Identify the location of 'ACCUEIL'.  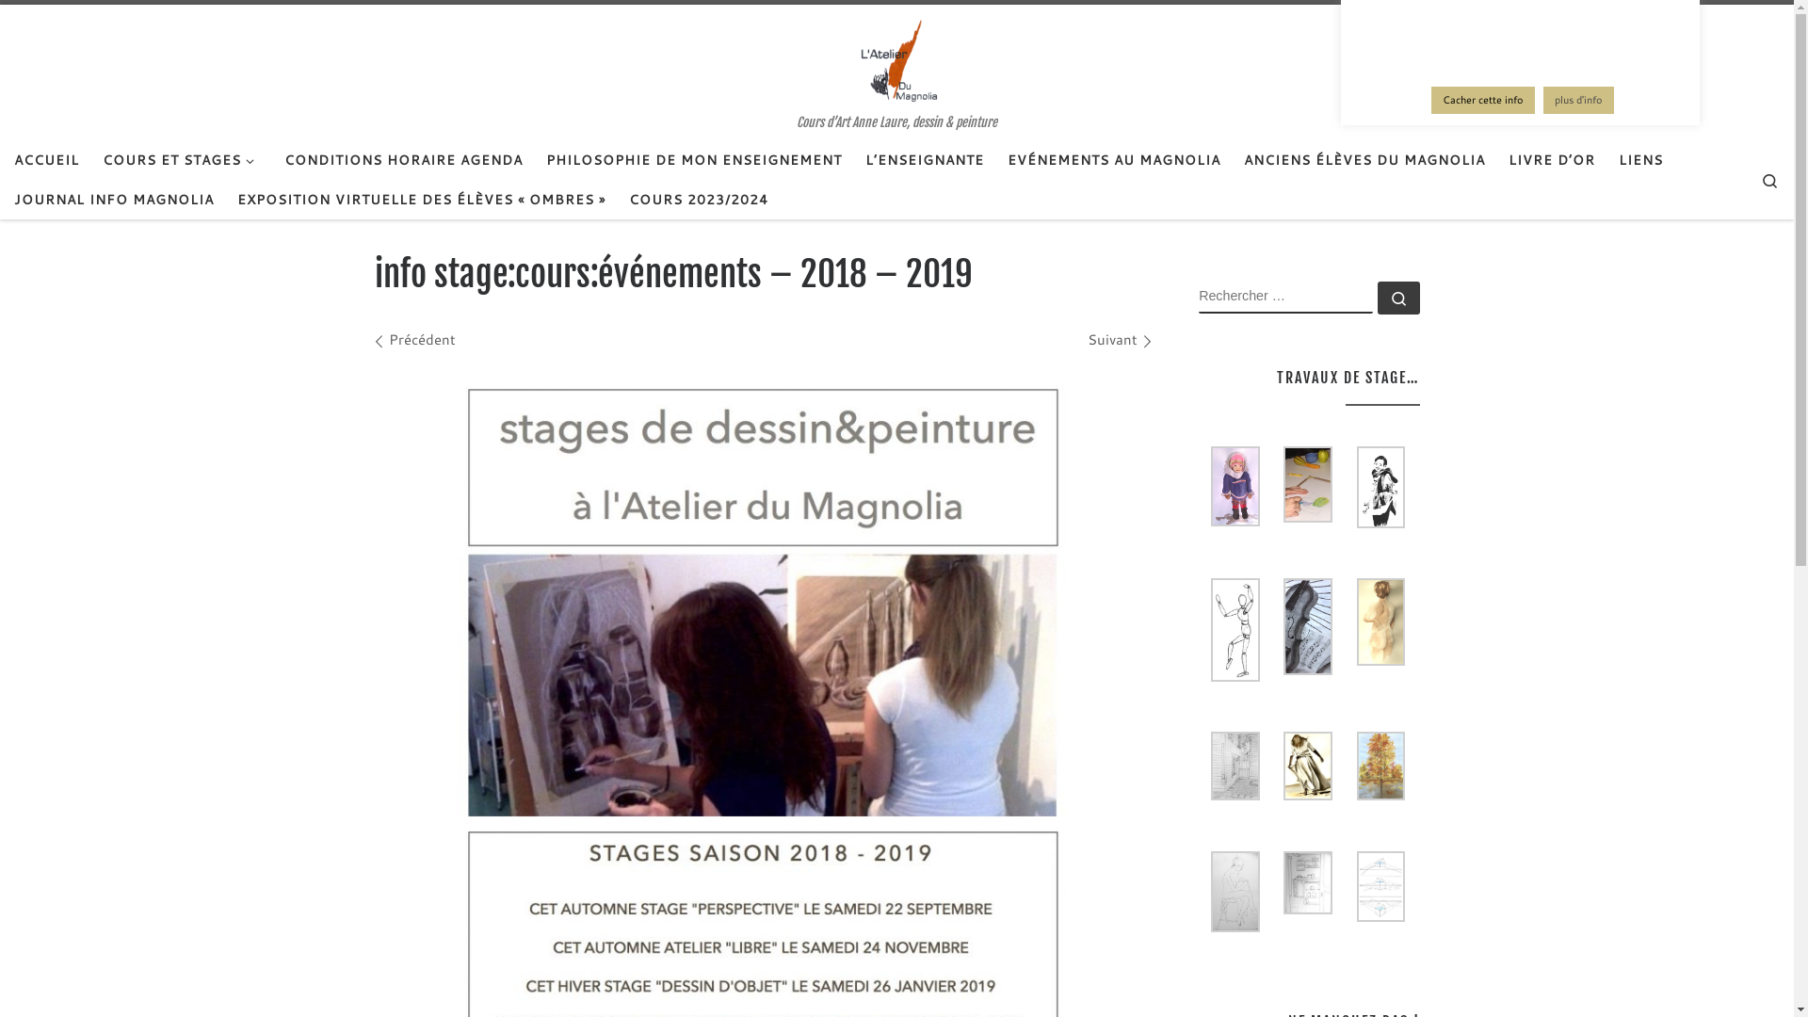
(46, 158).